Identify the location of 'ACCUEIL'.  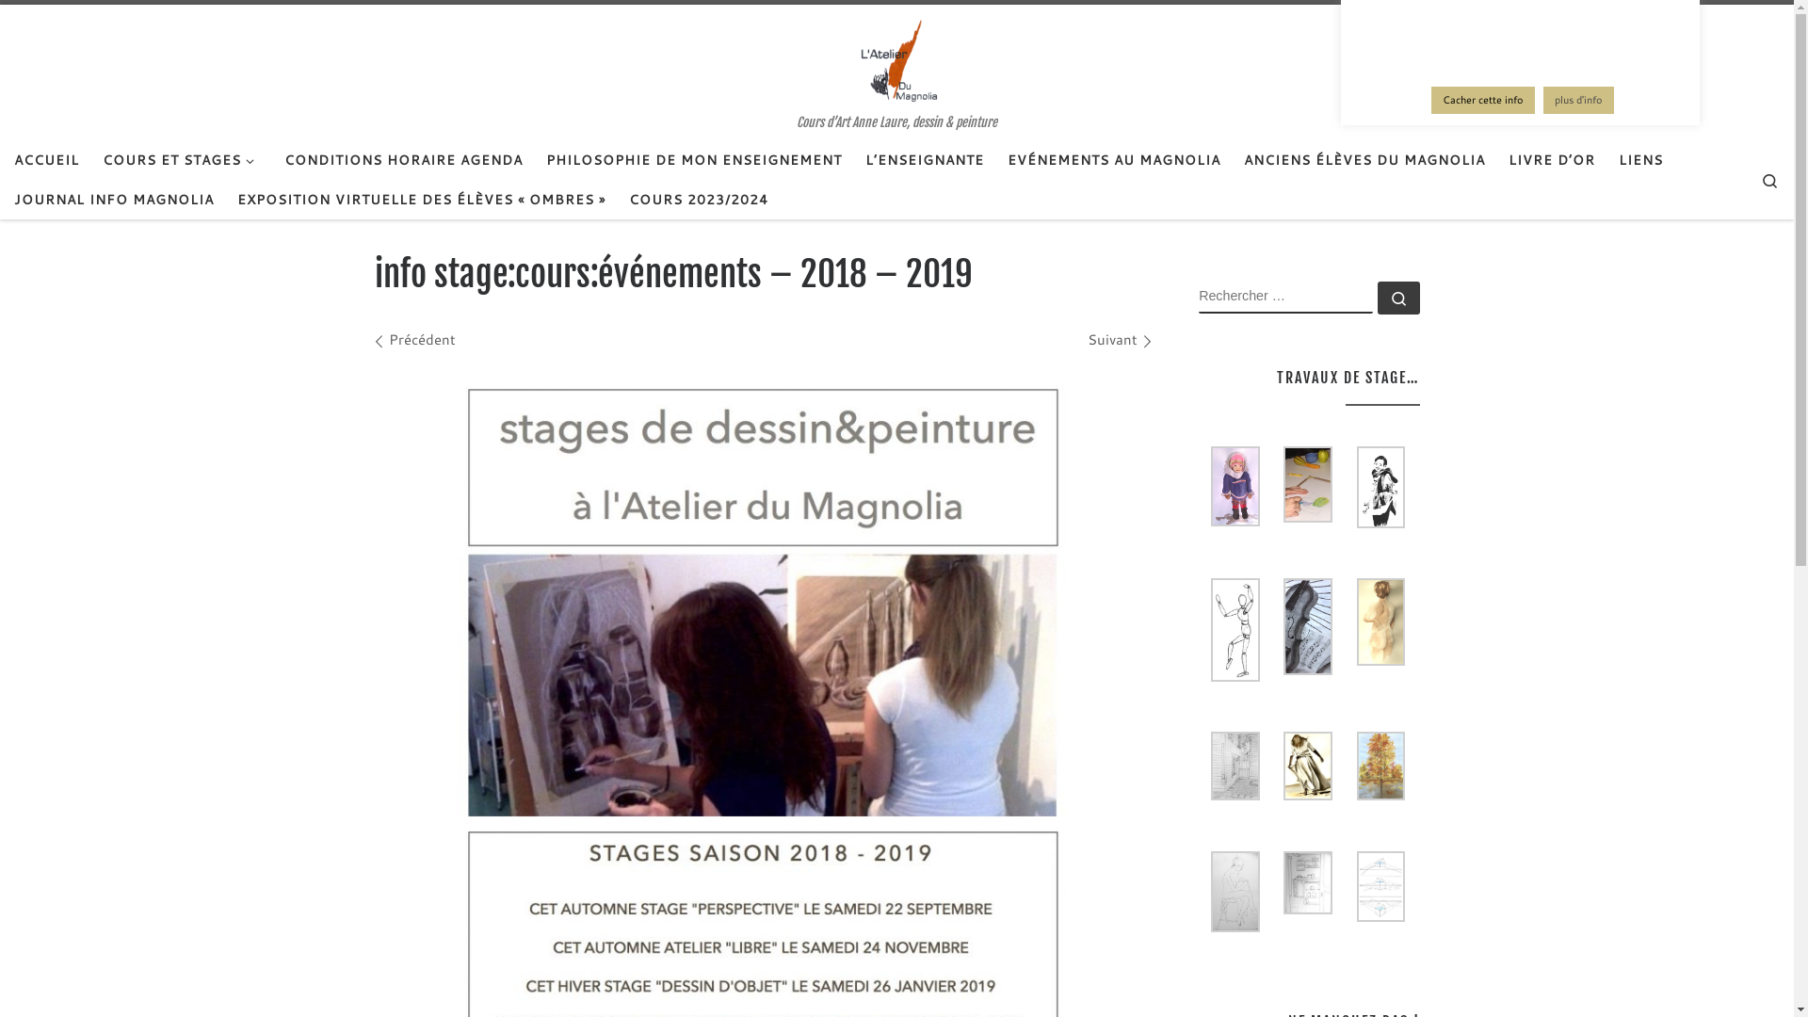
(46, 158).